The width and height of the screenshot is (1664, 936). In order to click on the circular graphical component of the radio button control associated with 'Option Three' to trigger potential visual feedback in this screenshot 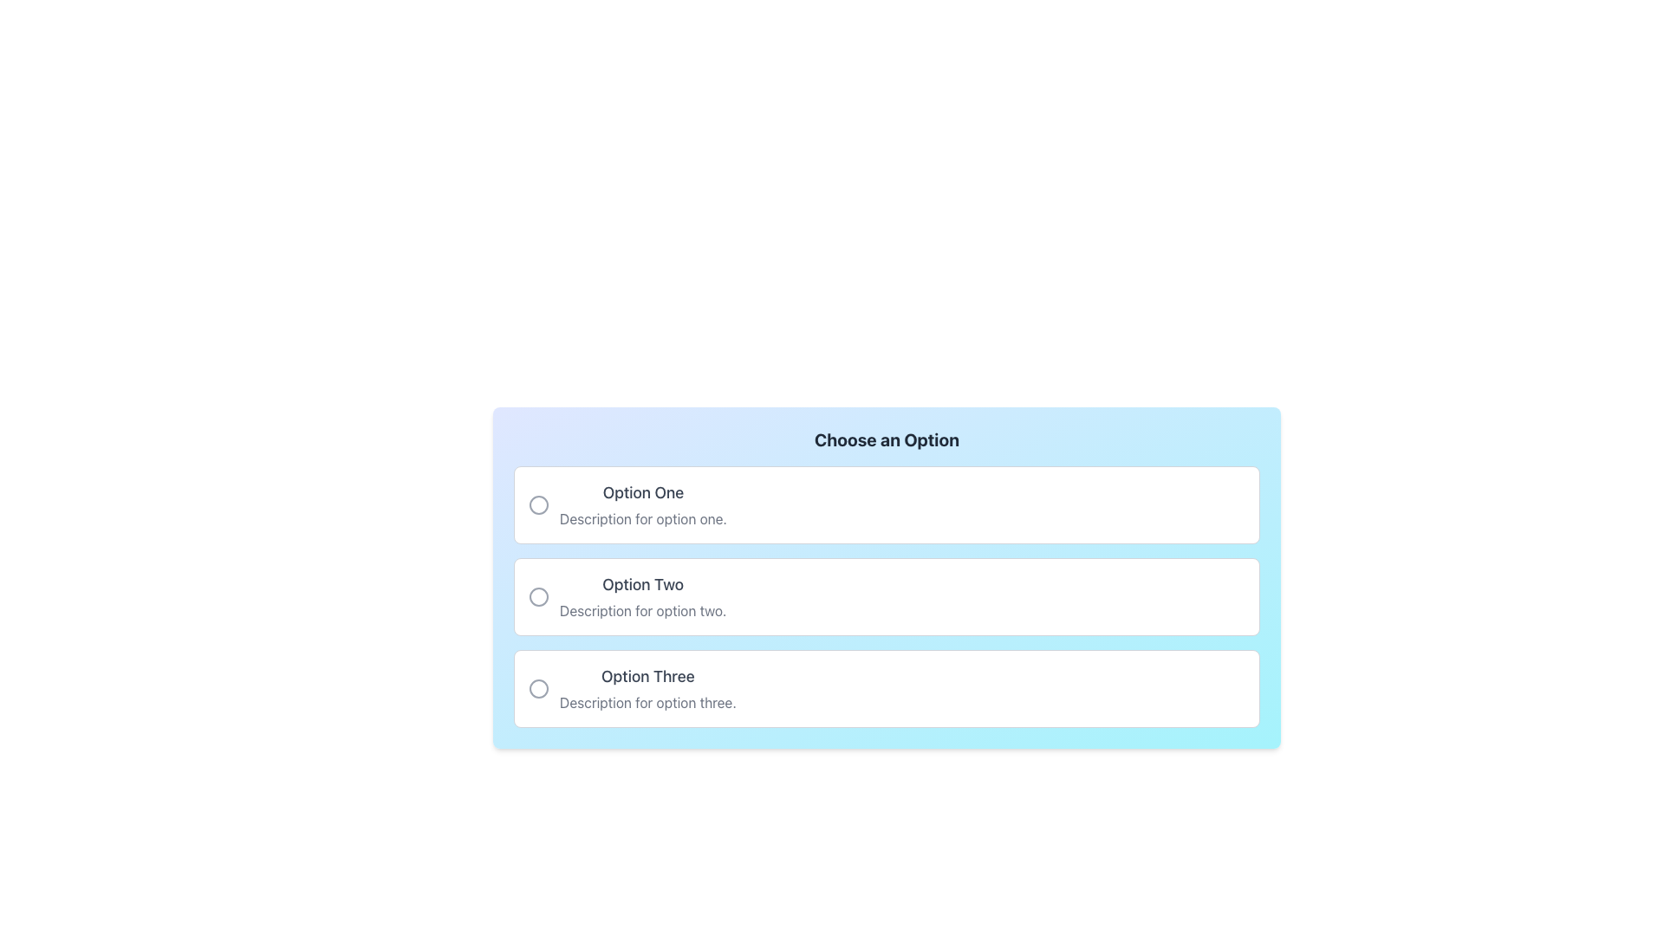, I will do `click(538, 687)`.